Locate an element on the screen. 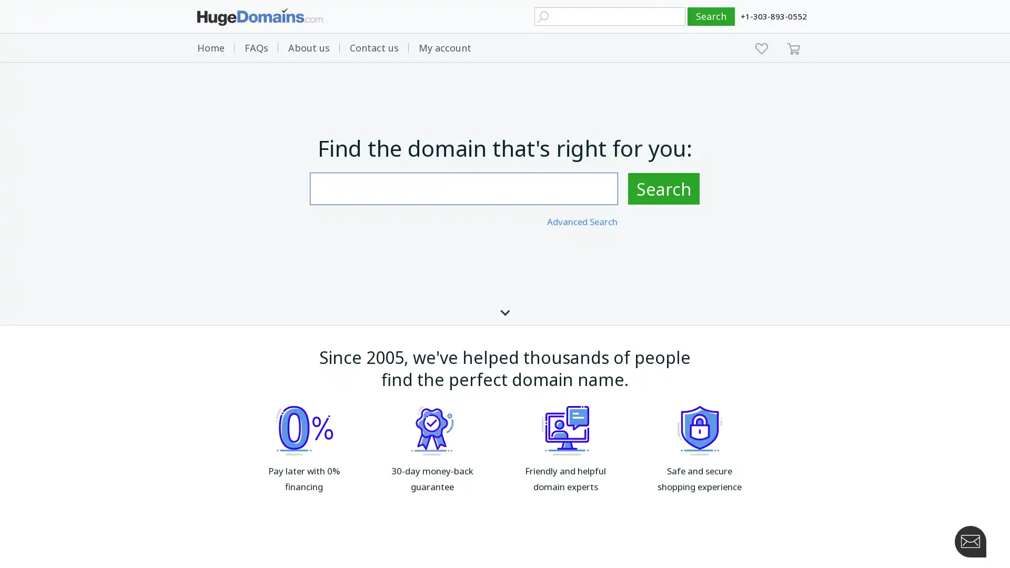 This screenshot has height=568, width=1010. Search is located at coordinates (711, 16).